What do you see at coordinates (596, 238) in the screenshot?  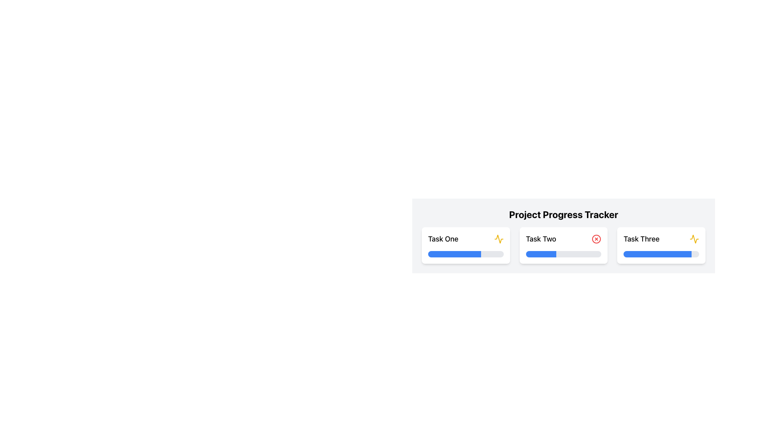 I see `the red circular button with an 'X' symbol located in the 'Task Two' section, to the right of the 'Task Two' label and above the progress bar` at bounding box center [596, 238].